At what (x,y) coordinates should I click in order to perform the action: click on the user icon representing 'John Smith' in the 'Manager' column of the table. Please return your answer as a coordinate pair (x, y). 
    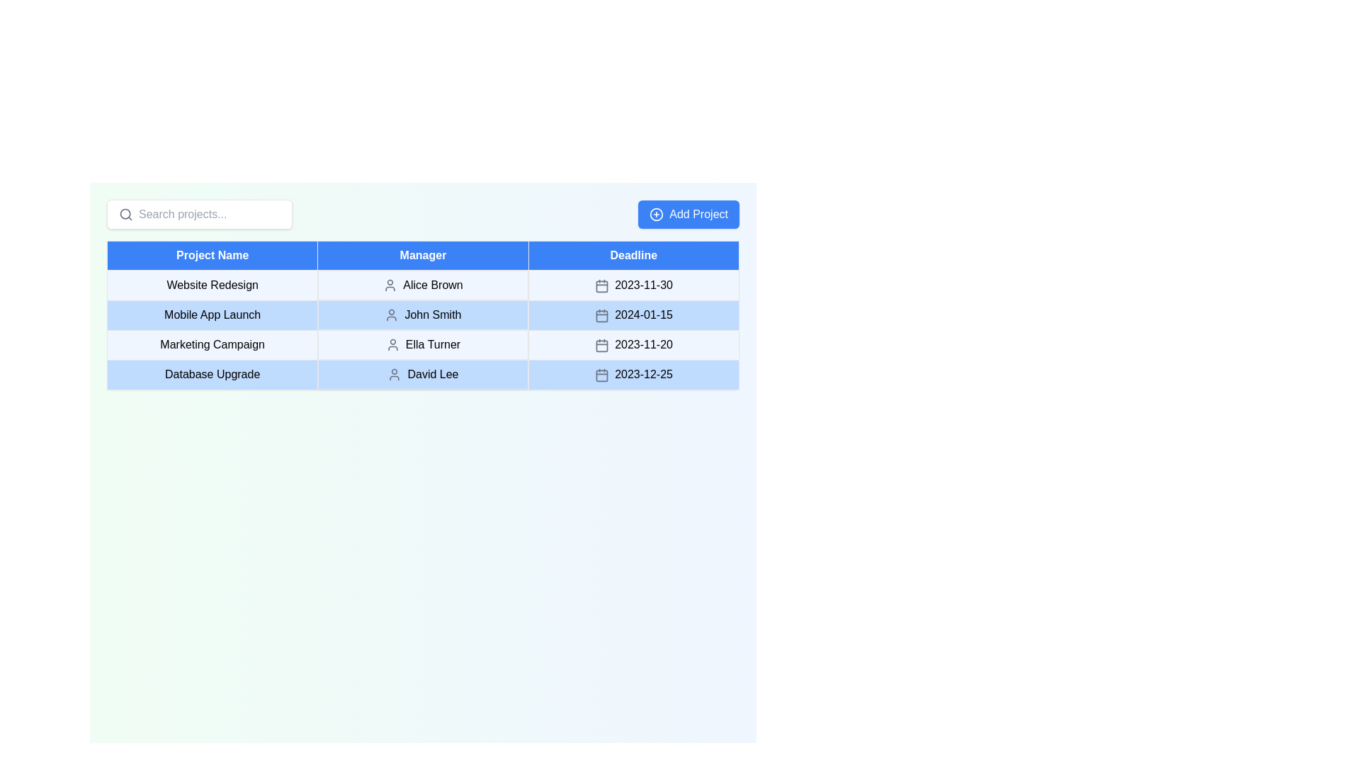
    Looking at the image, I should click on (392, 314).